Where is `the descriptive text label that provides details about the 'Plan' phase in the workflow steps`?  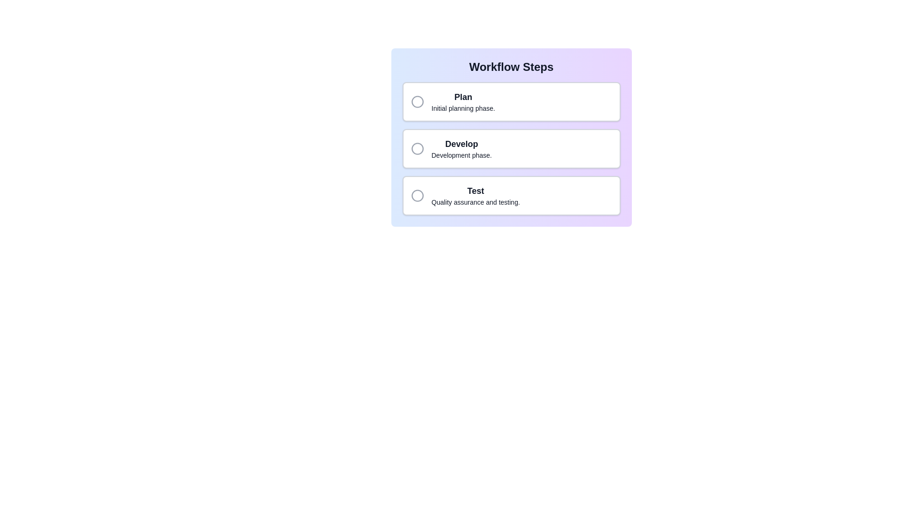 the descriptive text label that provides details about the 'Plan' phase in the workflow steps is located at coordinates (463, 108).